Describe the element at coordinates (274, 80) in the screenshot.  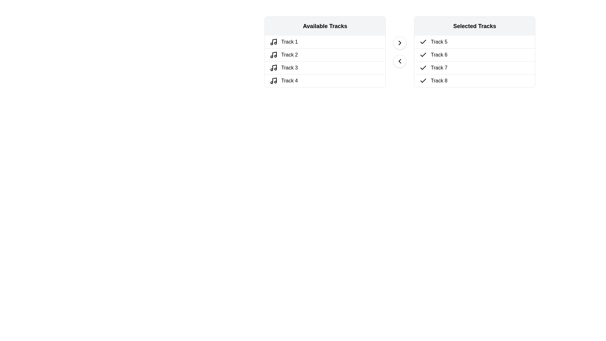
I see `the musical note icon, which is an outline style icon located to the left of the text 'Track 4' in the fourth row of the 'Available Tracks' list` at that location.